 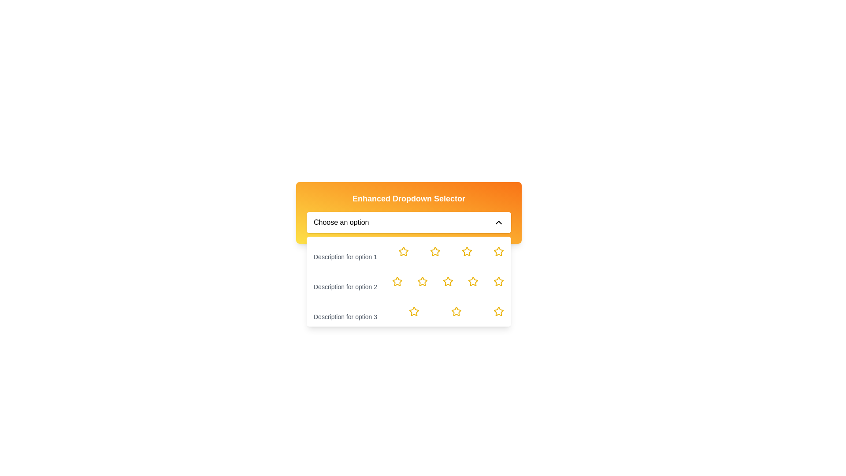 What do you see at coordinates (403, 251) in the screenshot?
I see `the first star icon button in the Enhanced Dropdown Selector` at bounding box center [403, 251].